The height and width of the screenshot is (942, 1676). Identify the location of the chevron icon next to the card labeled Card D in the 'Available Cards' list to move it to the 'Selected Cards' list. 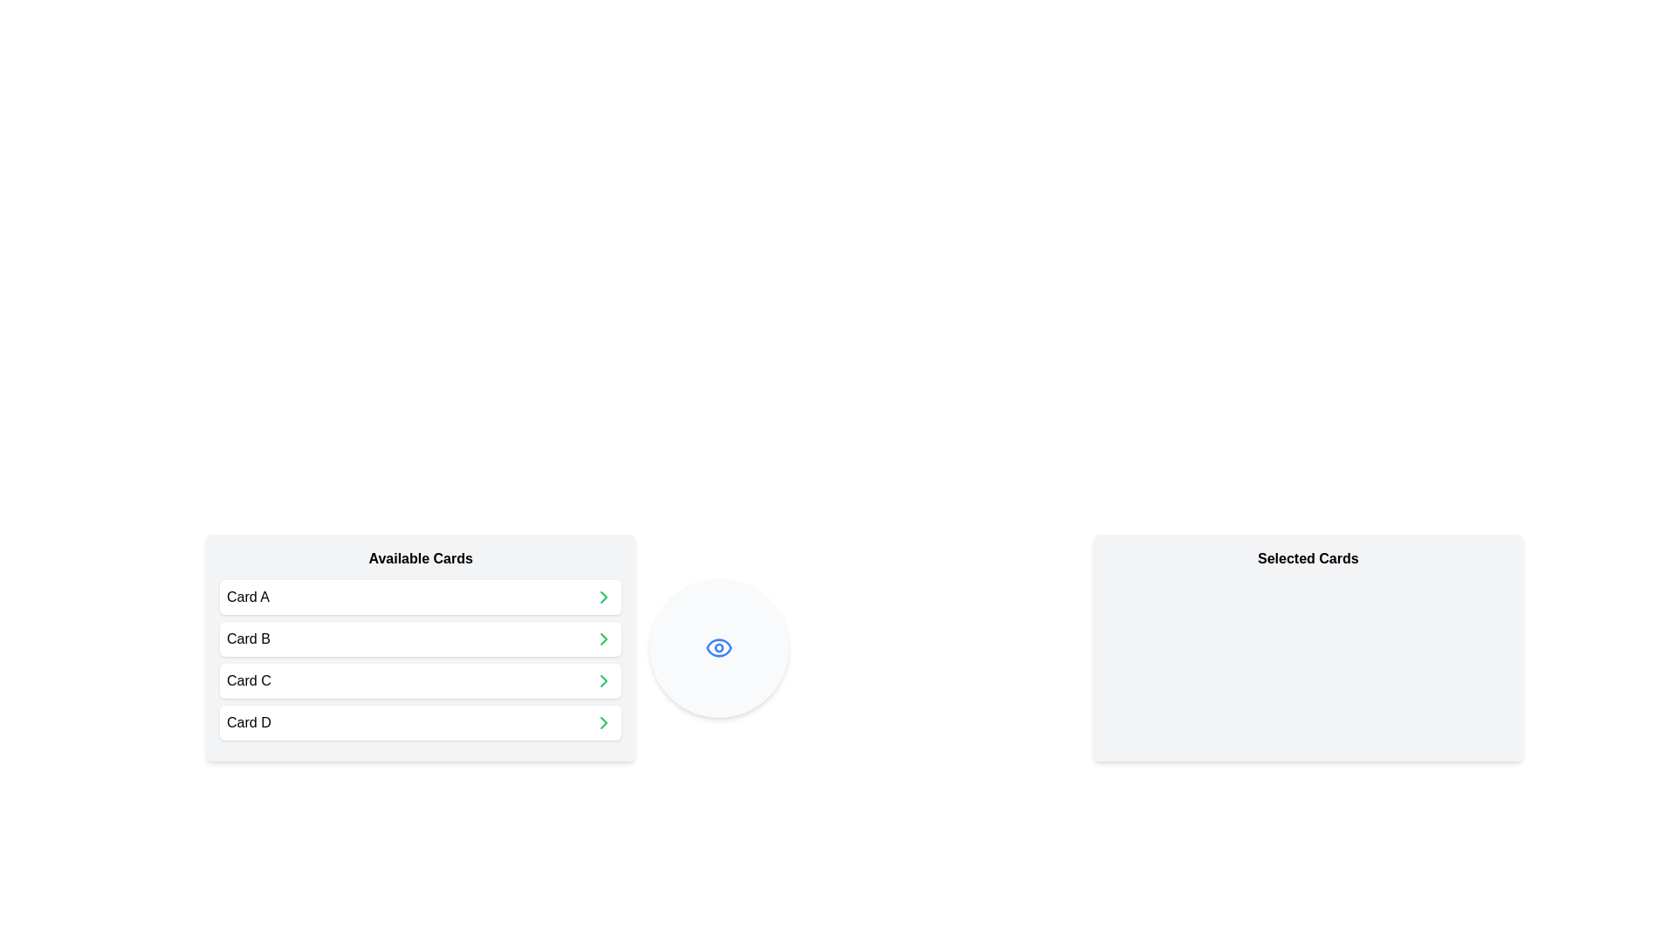
(604, 723).